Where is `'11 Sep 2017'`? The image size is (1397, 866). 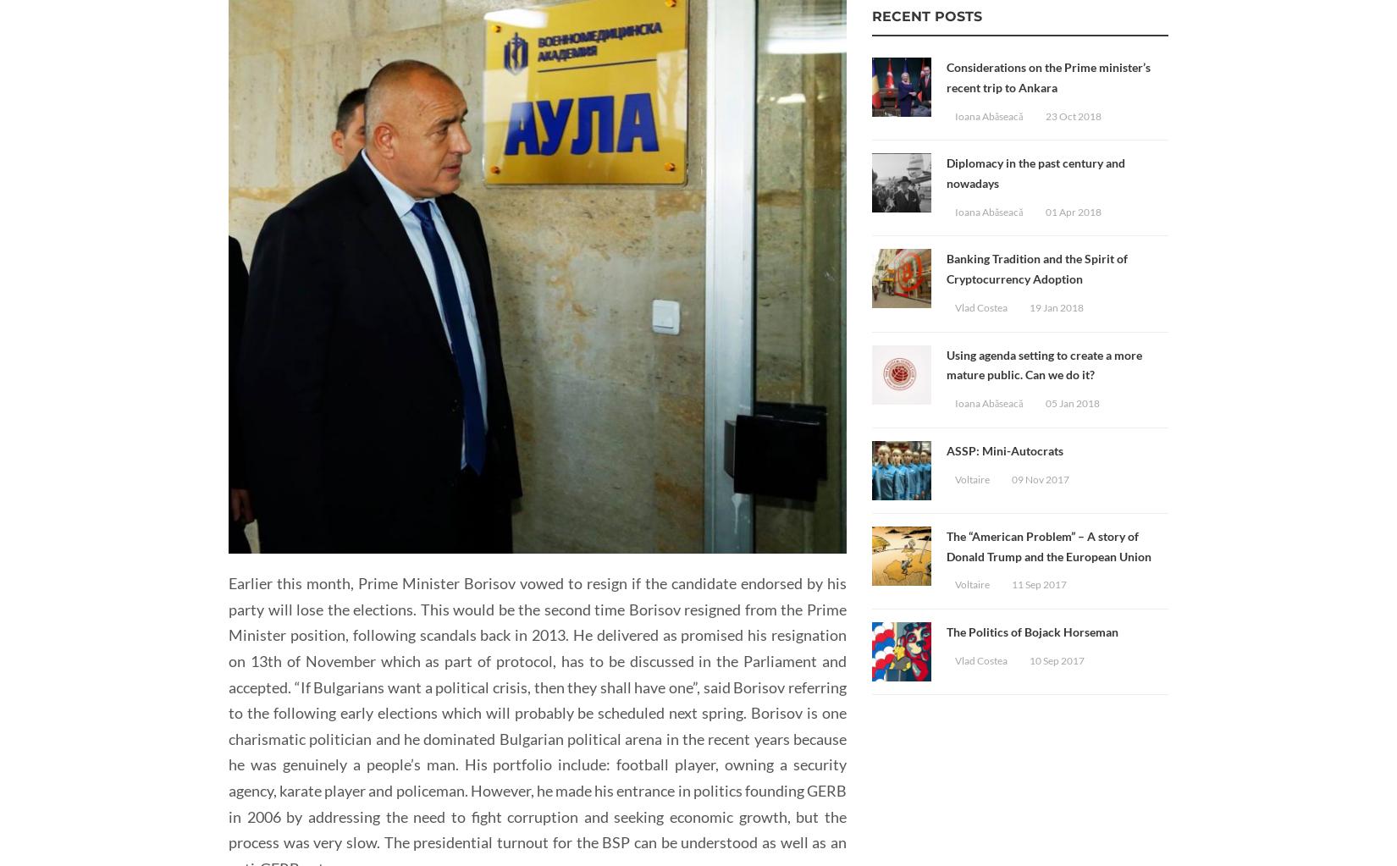
'11 Sep 2017' is located at coordinates (1039, 583).